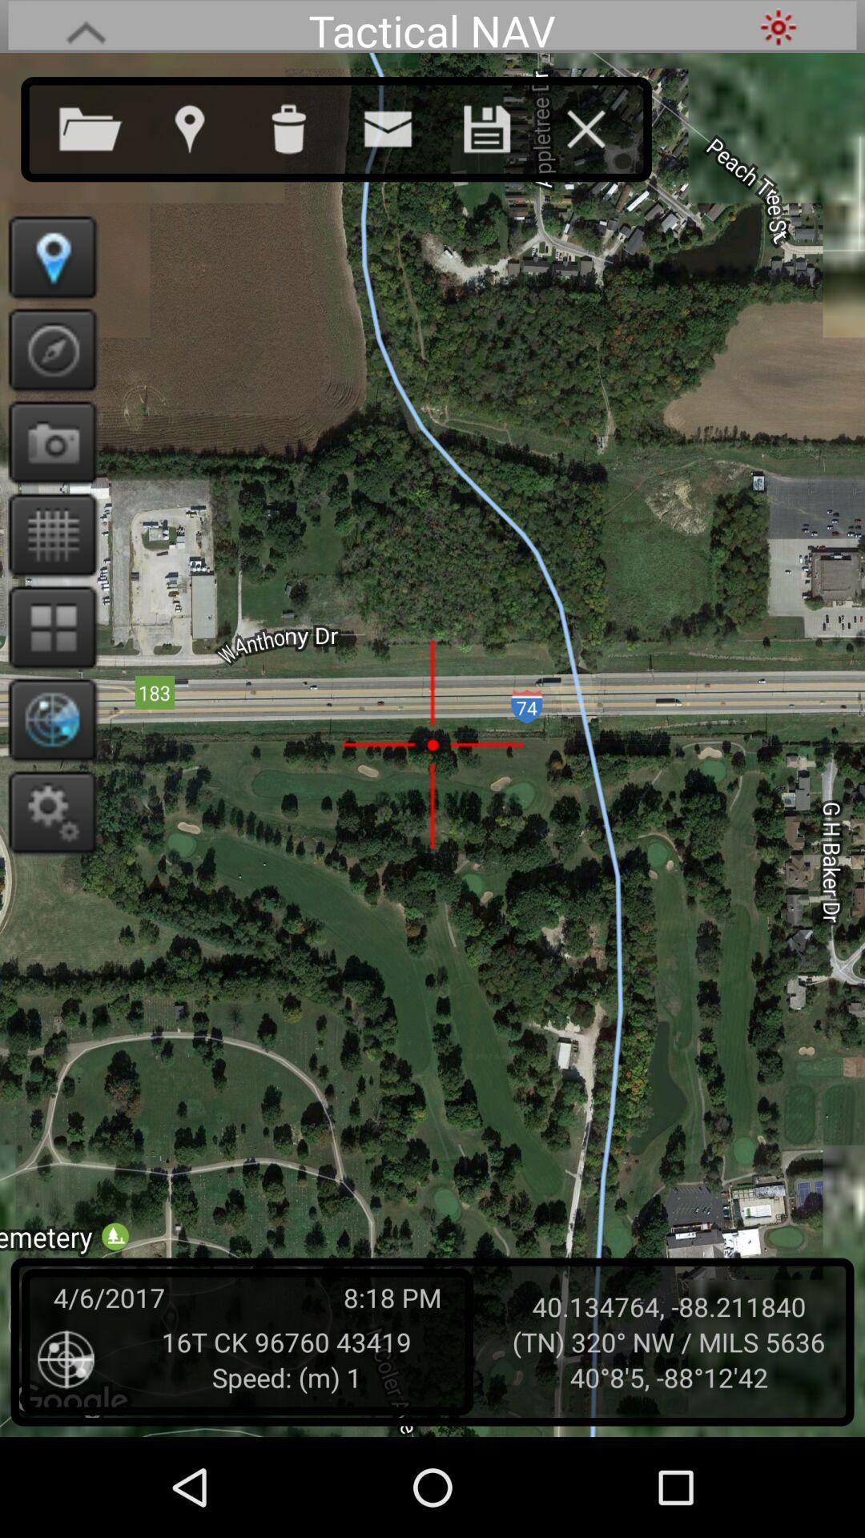 This screenshot has width=865, height=1538. What do you see at coordinates (502, 125) in the screenshot?
I see `location` at bounding box center [502, 125].